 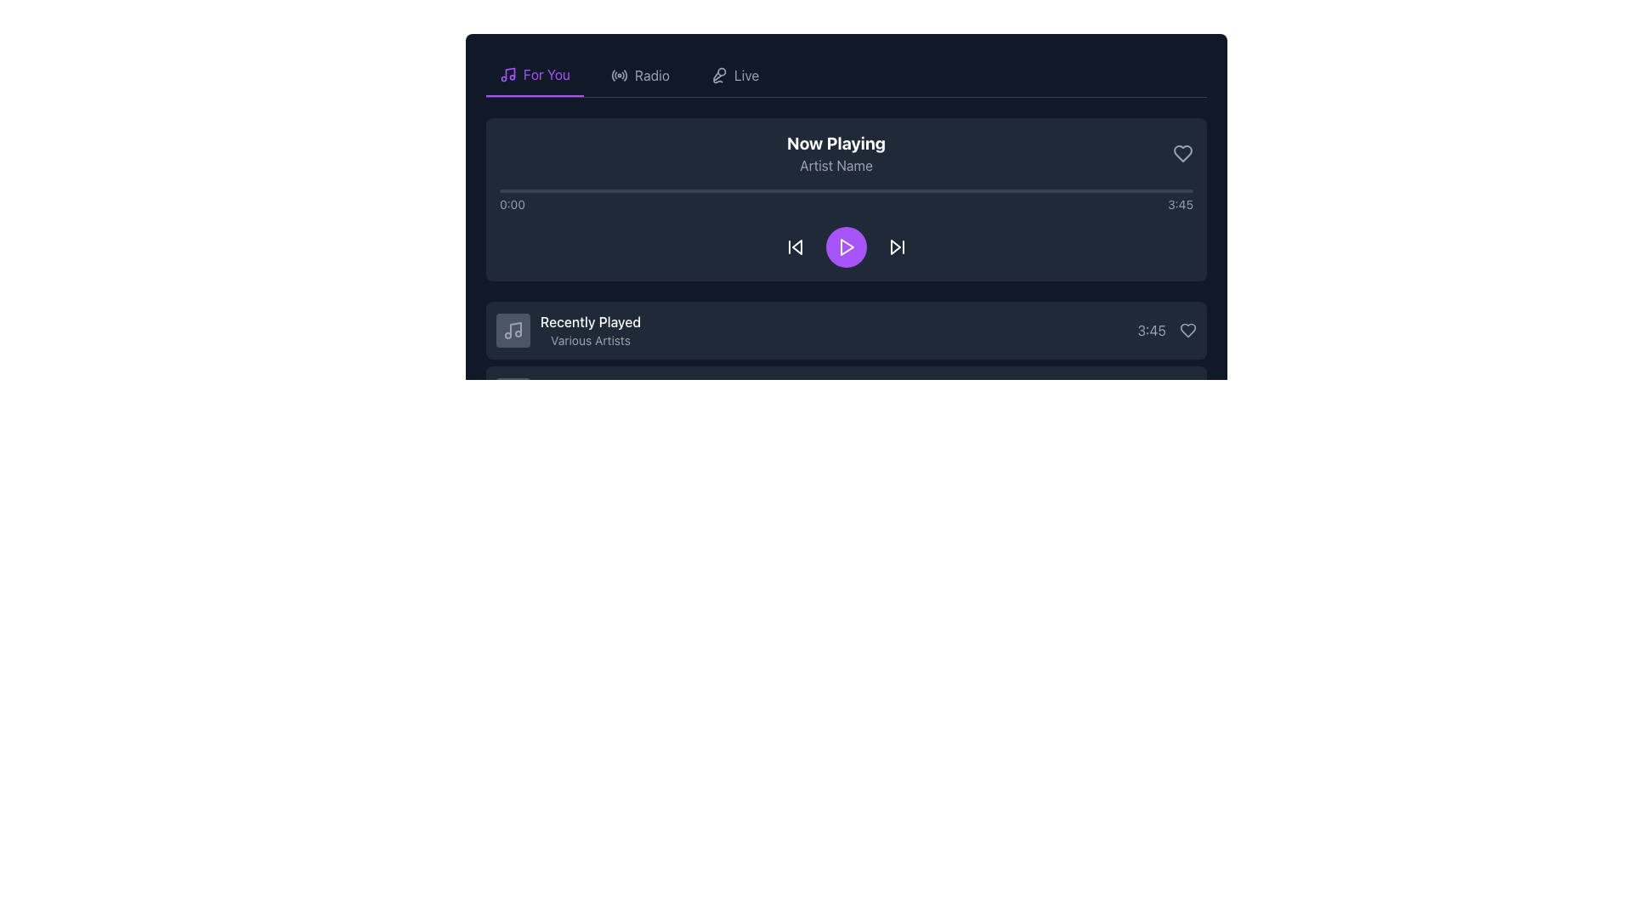 What do you see at coordinates (513, 331) in the screenshot?
I see `the audio function icon located in the bottom-left section of the 'Recently Played' card` at bounding box center [513, 331].